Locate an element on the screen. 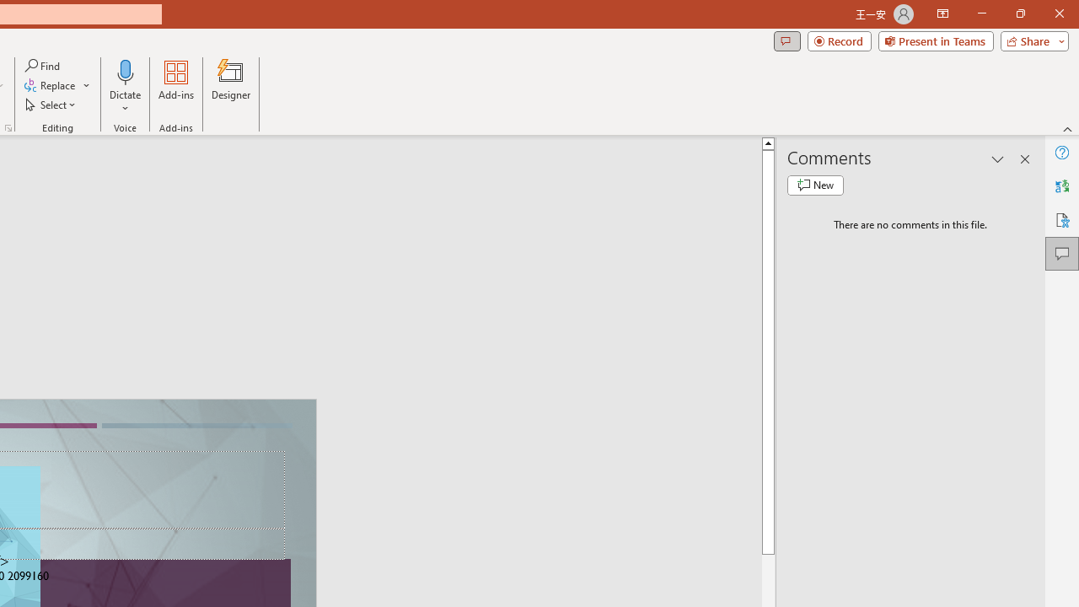 The width and height of the screenshot is (1079, 607). 'Dictate' is located at coordinates (125, 87).